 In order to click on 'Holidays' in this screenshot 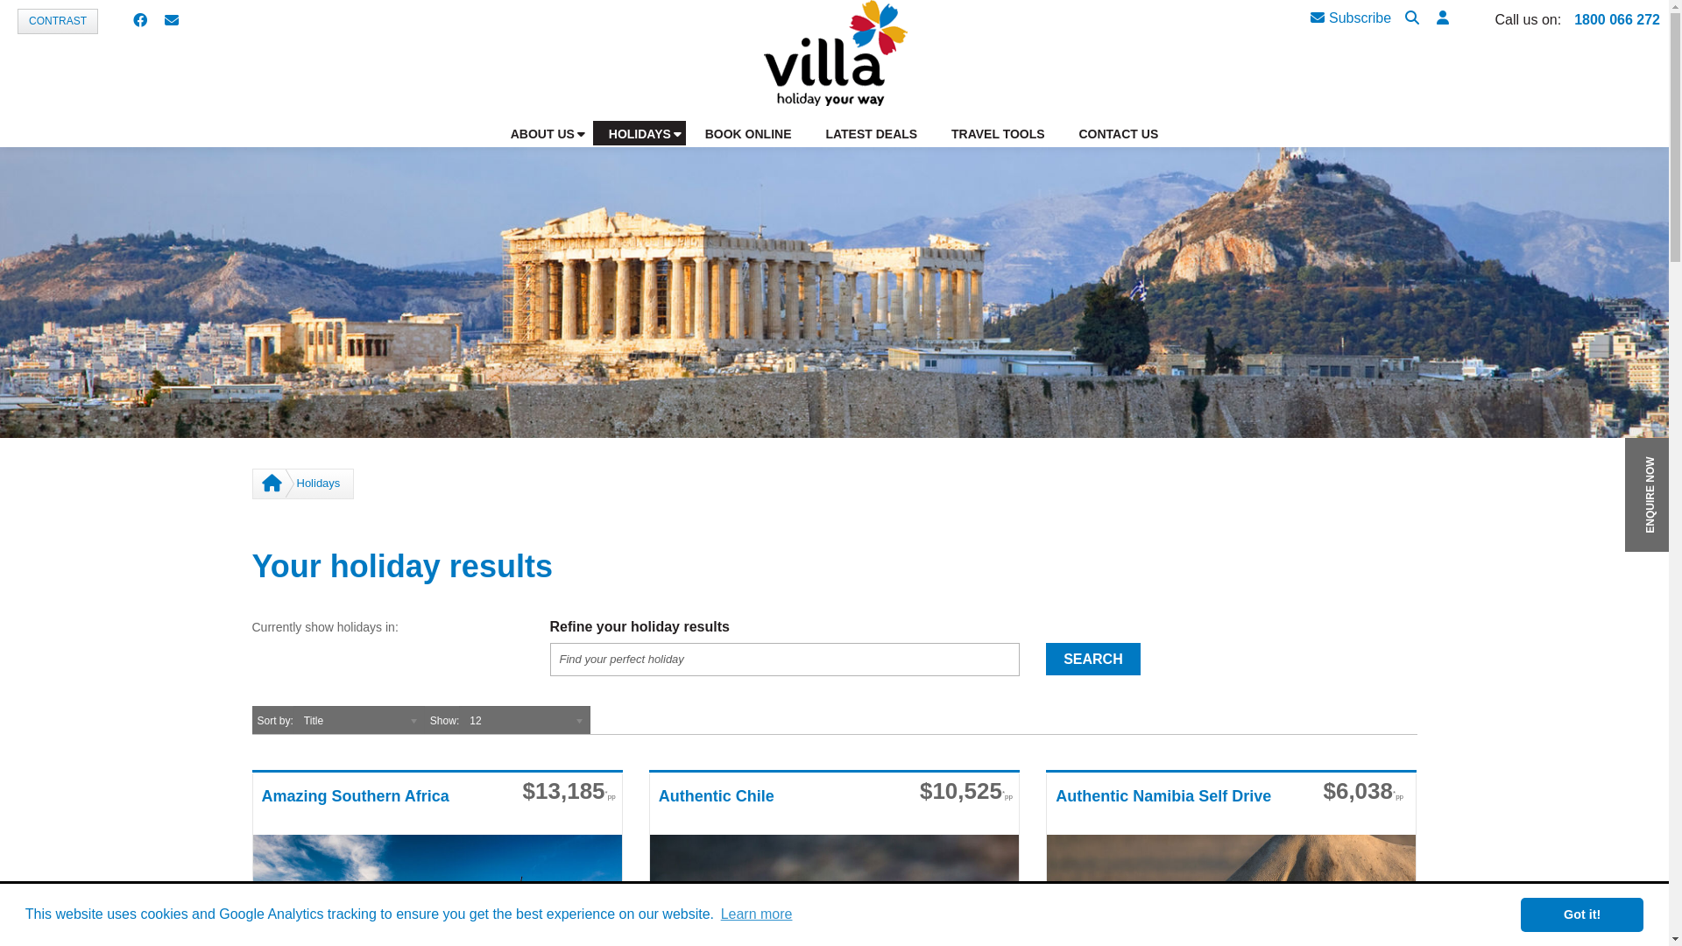, I will do `click(318, 483)`.